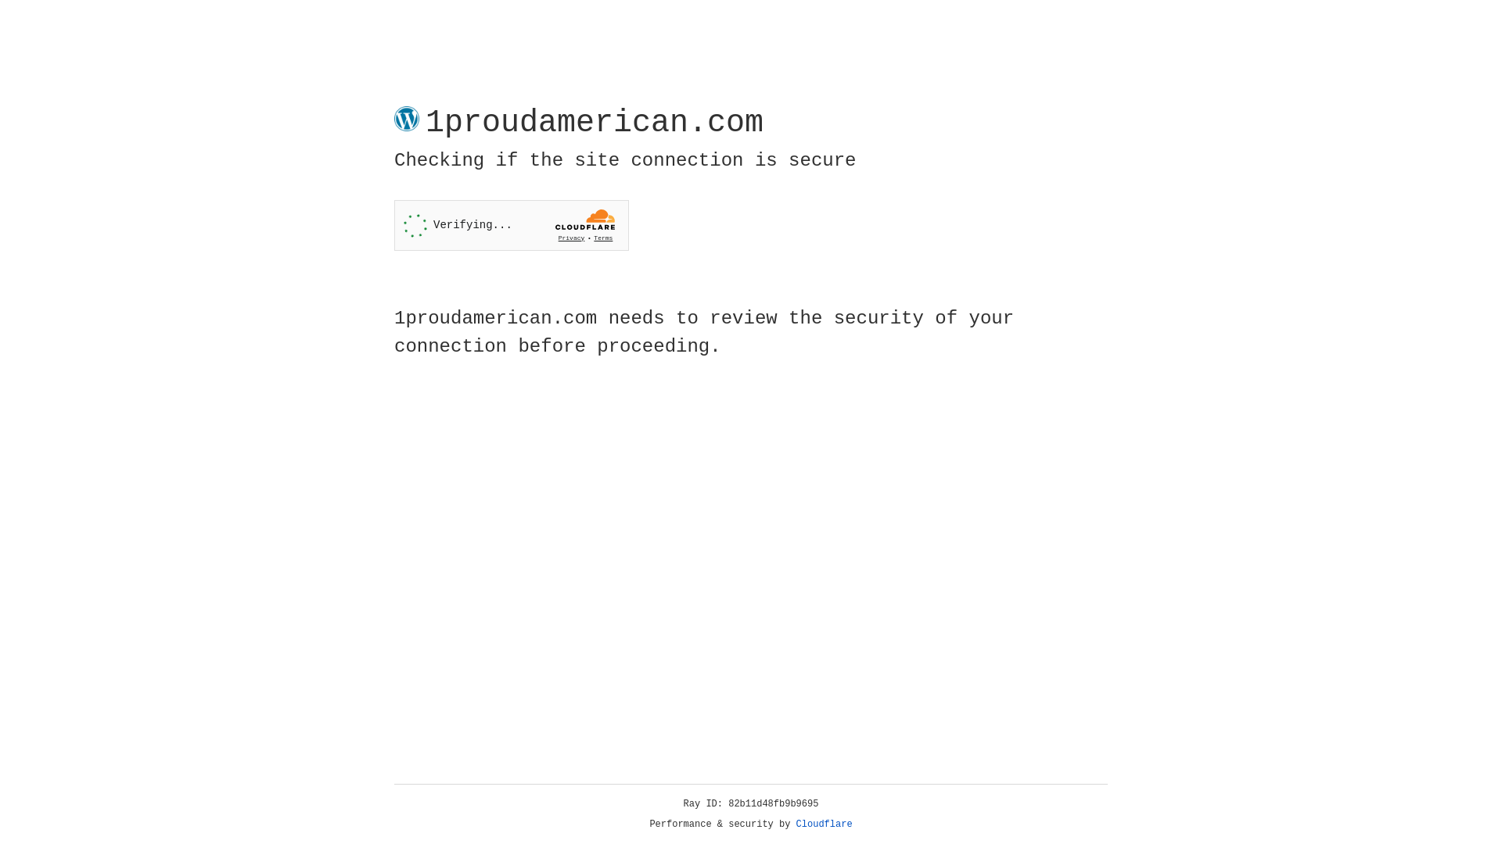 The width and height of the screenshot is (1502, 844). Describe the element at coordinates (511, 225) in the screenshot. I see `'Widget containing a Cloudflare security challenge'` at that location.